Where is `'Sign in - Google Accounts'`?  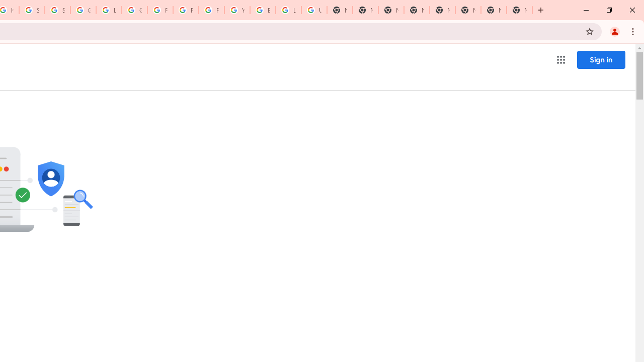
'Sign in - Google Accounts' is located at coordinates (56, 10).